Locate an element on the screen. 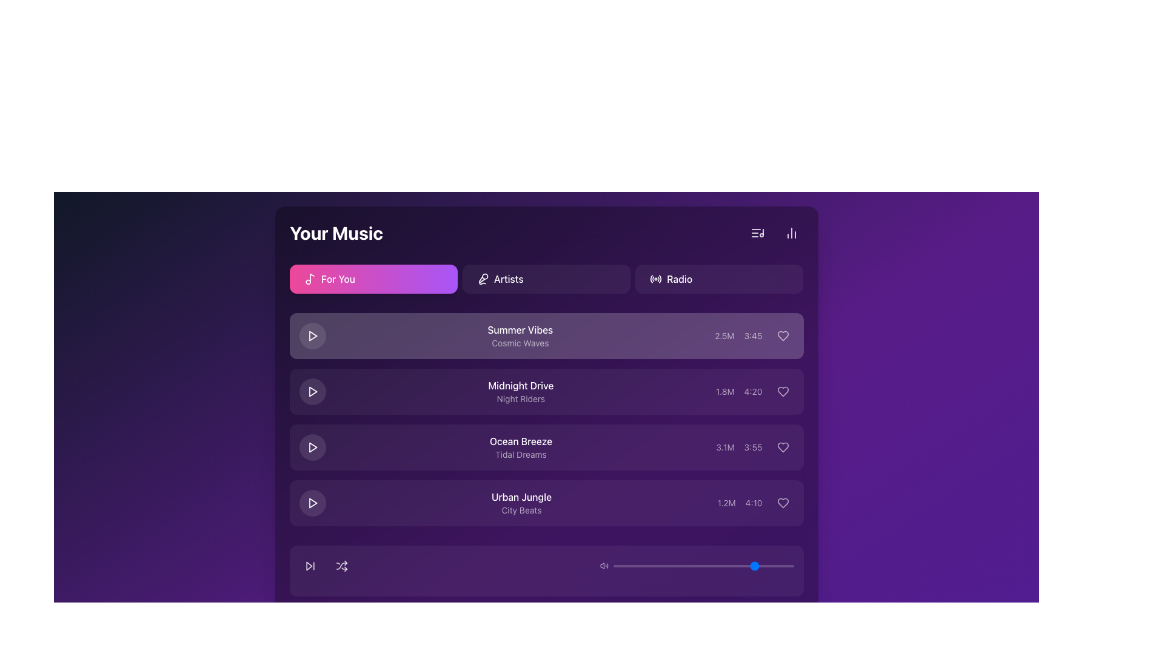  the heart icon representing the favorite action for the song 'Summer Vibes' to potentially show a tooltip is located at coordinates (783, 336).